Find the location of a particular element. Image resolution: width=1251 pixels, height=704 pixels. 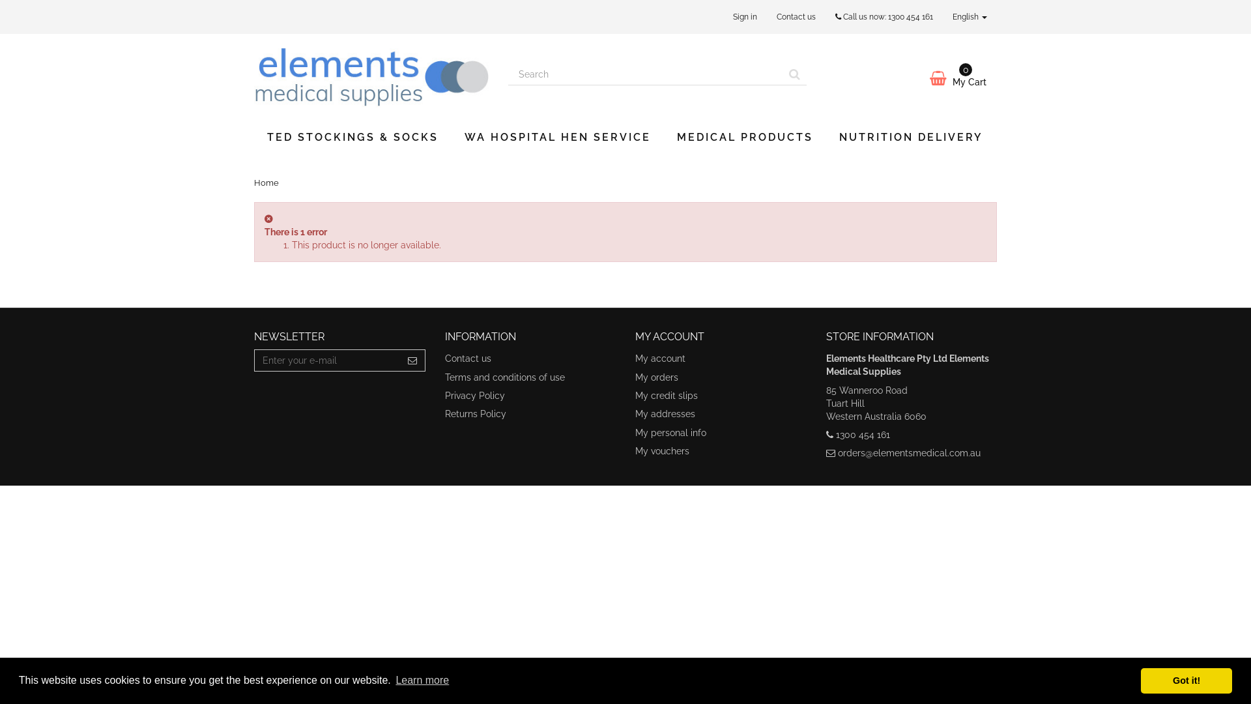

'Sign in' is located at coordinates (722, 17).